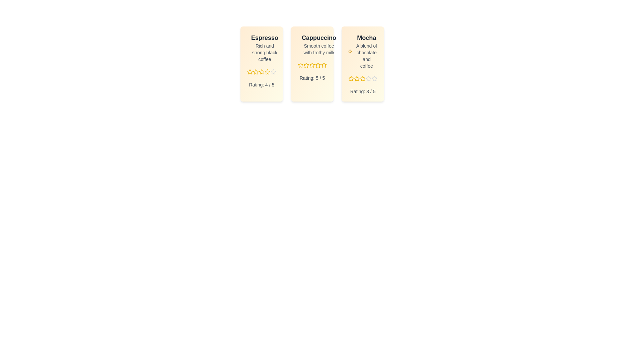 Image resolution: width=643 pixels, height=362 pixels. Describe the element at coordinates (362, 64) in the screenshot. I see `the menu item card for Mocha` at that location.